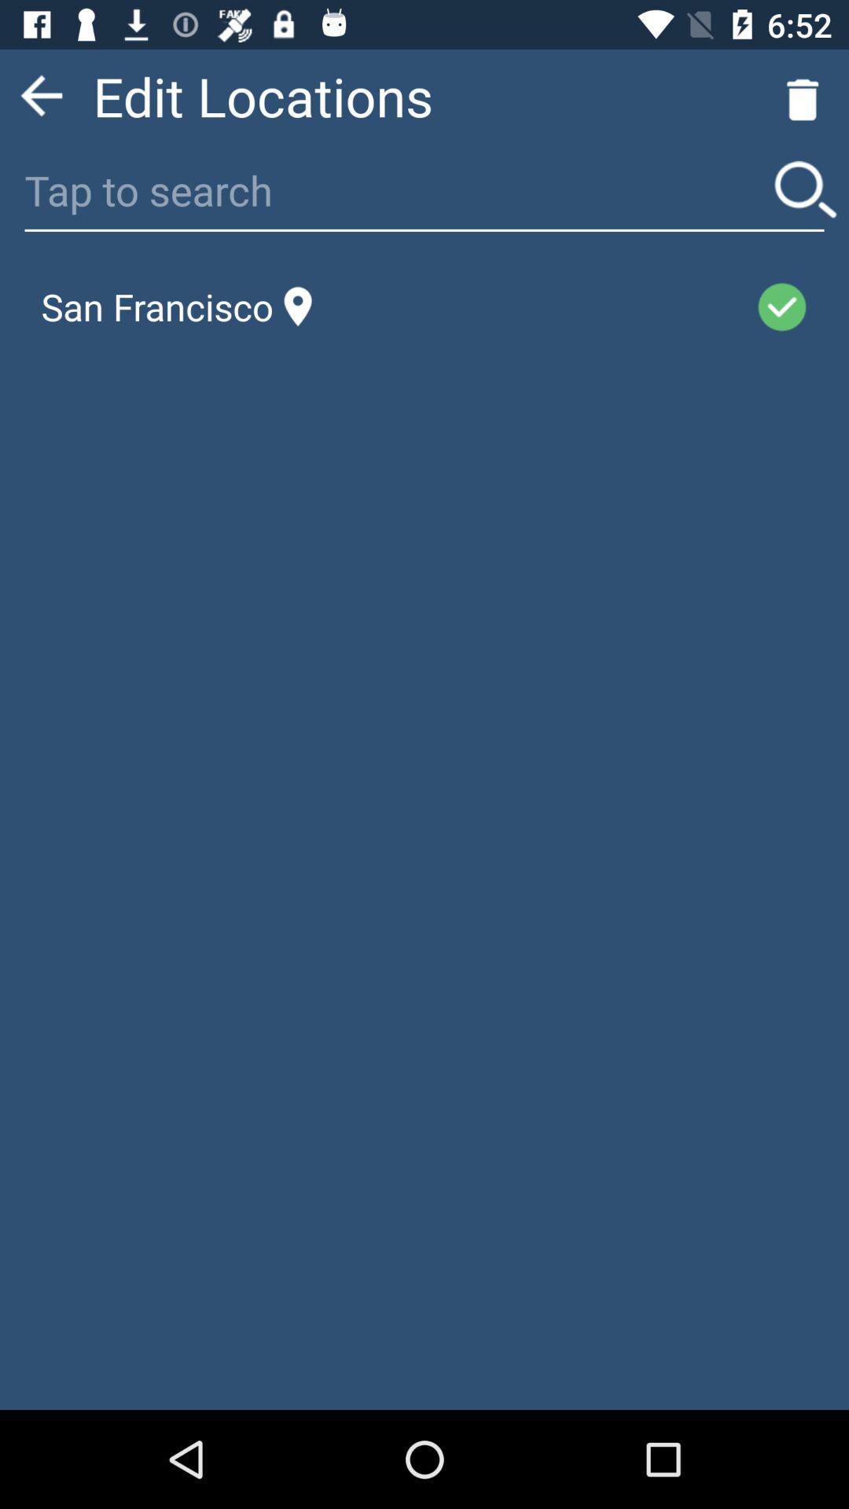 The height and width of the screenshot is (1509, 849). What do you see at coordinates (805, 202) in the screenshot?
I see `the search icon` at bounding box center [805, 202].